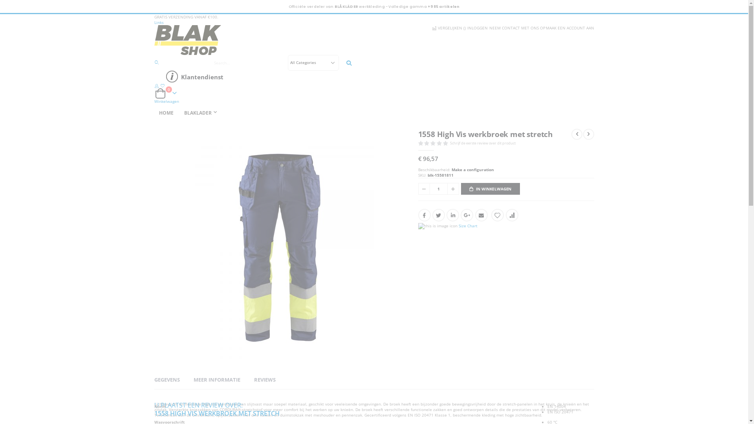 The width and height of the screenshot is (754, 424). I want to click on 'VERGELIJKEN ()', so click(448, 27).